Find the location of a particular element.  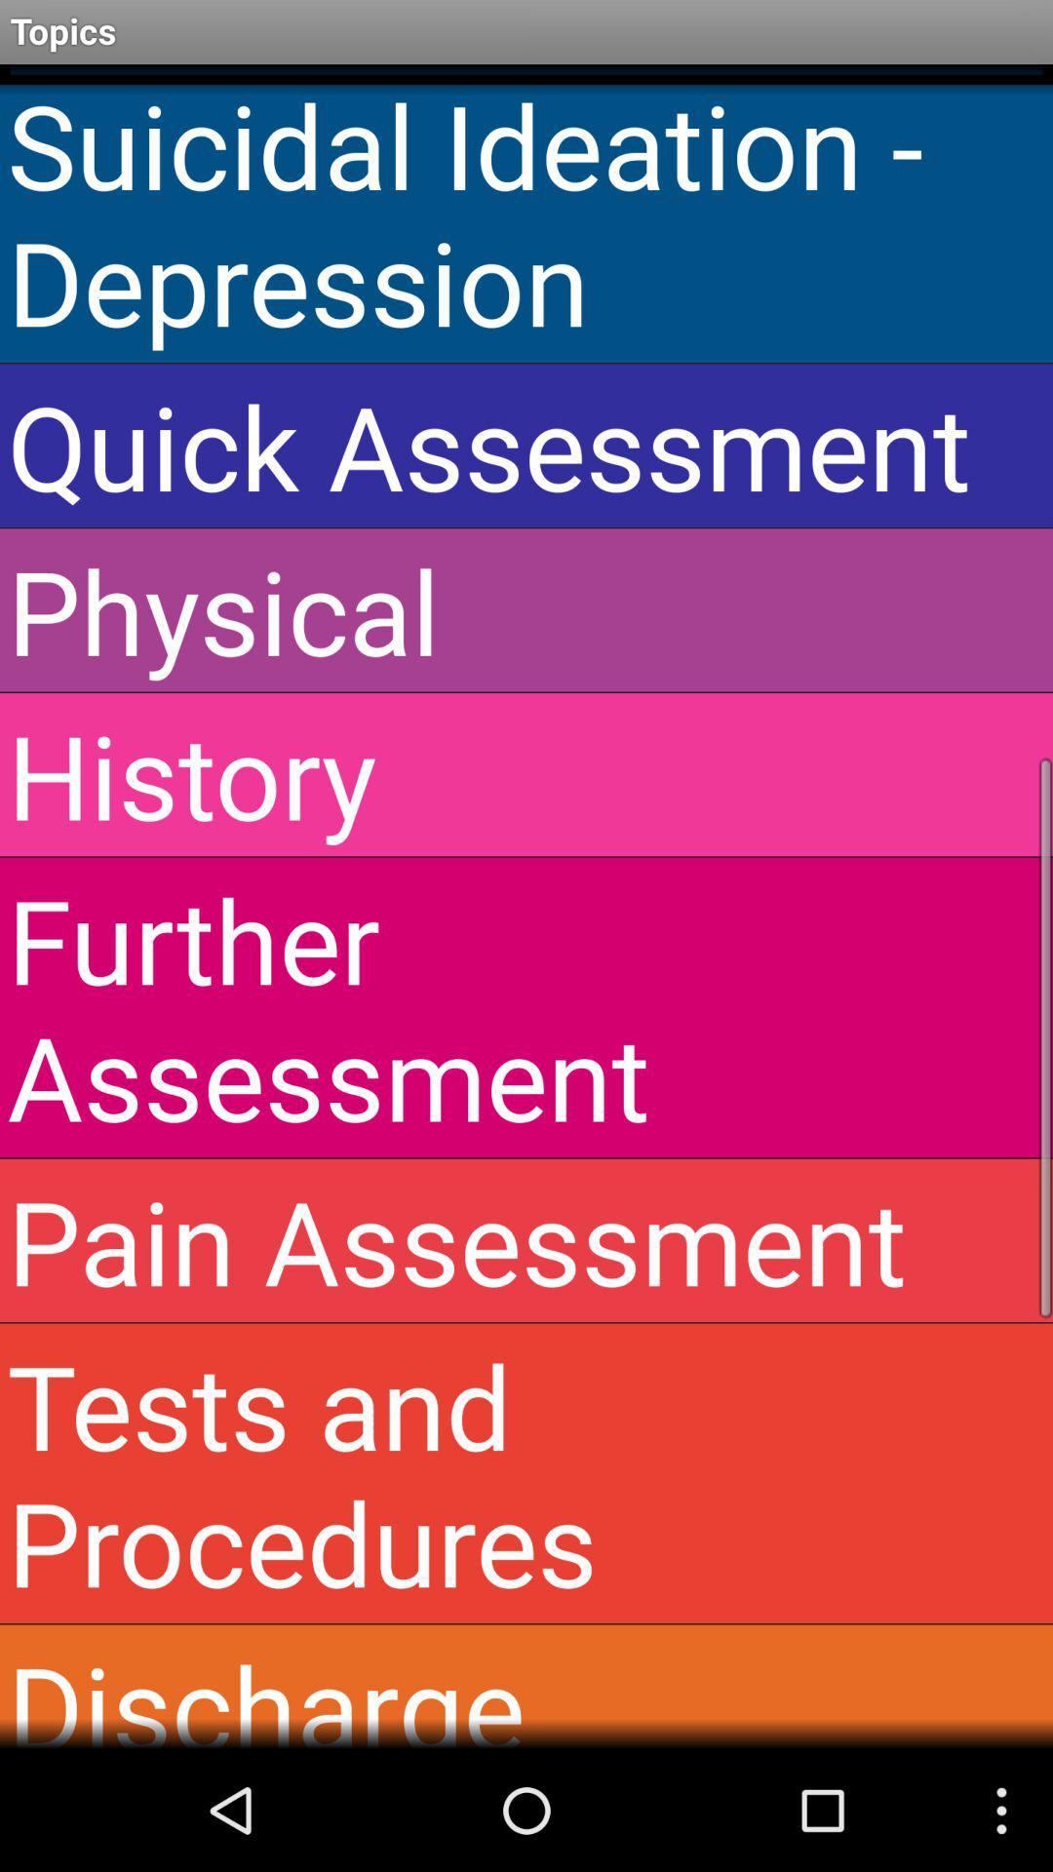

item below the suicidal ideation - depression item is located at coordinates (526, 445).